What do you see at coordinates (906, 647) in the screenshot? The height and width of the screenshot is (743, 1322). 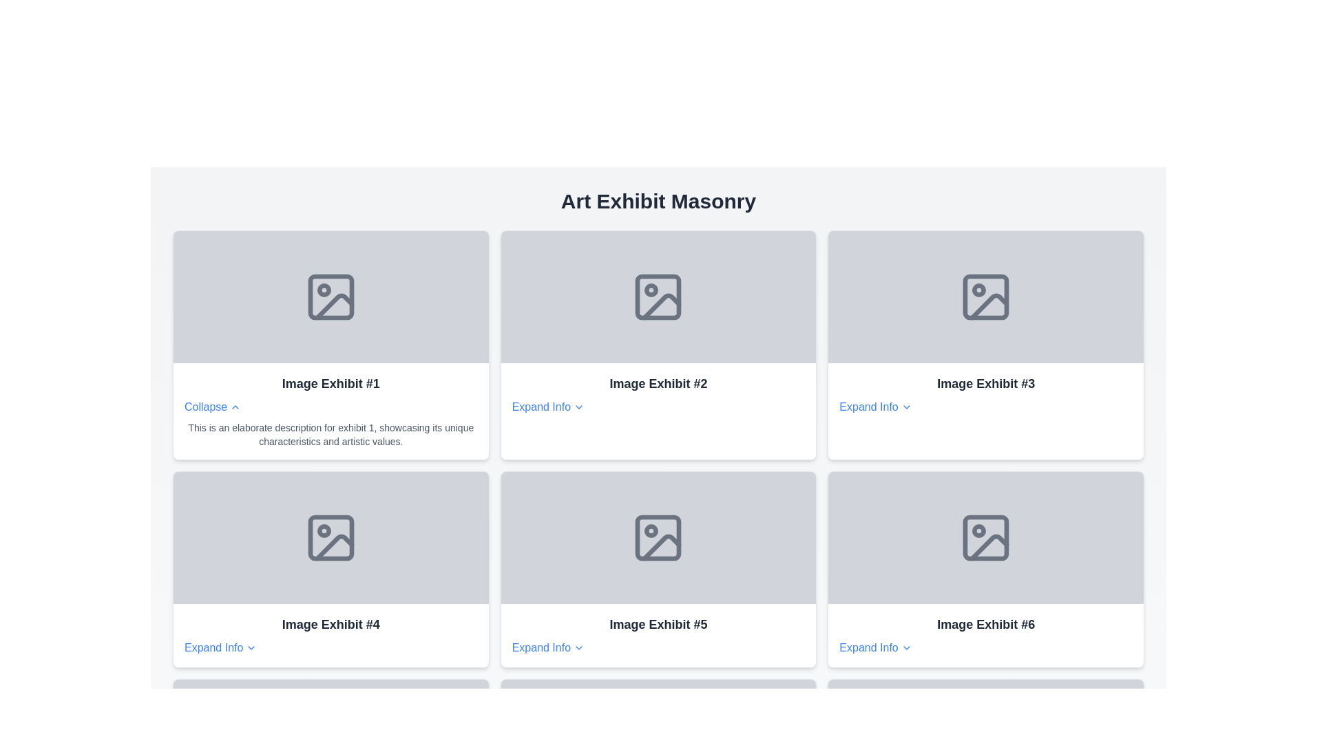 I see `the downward-pointing chevron icon styled with a thin, linear appearance, located next to 'Expand Info' under the 'Image Exhibit #6' section` at bounding box center [906, 647].